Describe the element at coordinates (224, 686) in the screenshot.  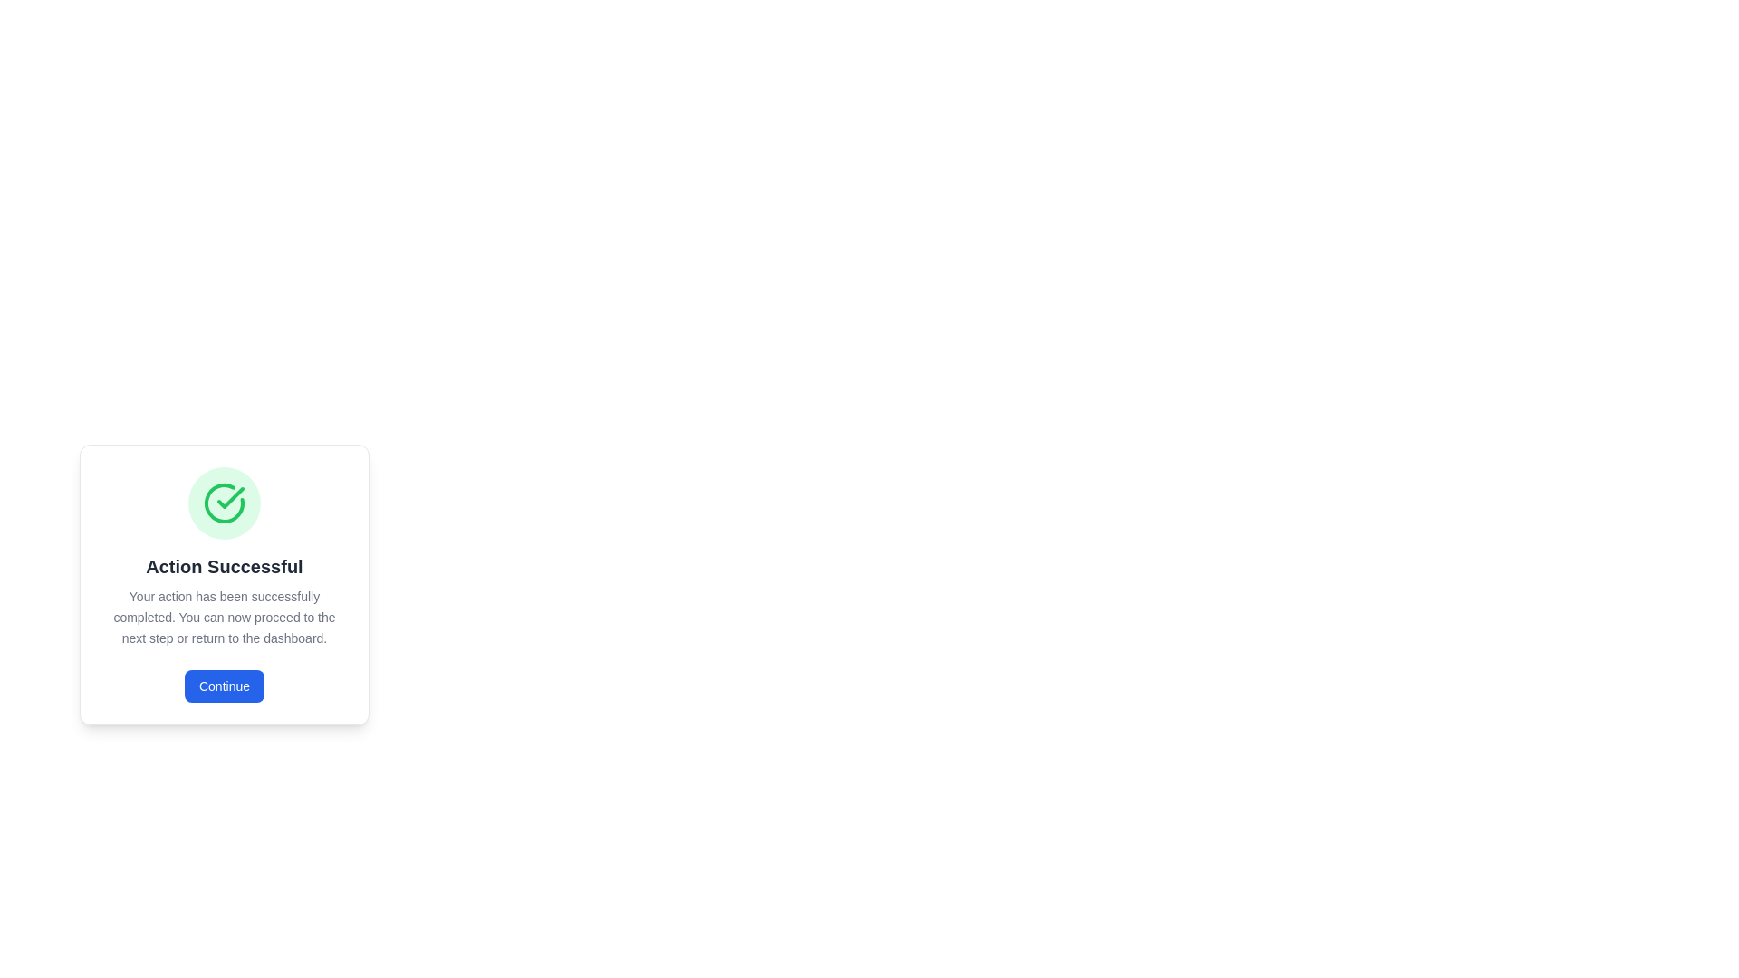
I see `the 'Continue' button with a blue background and white text` at that location.